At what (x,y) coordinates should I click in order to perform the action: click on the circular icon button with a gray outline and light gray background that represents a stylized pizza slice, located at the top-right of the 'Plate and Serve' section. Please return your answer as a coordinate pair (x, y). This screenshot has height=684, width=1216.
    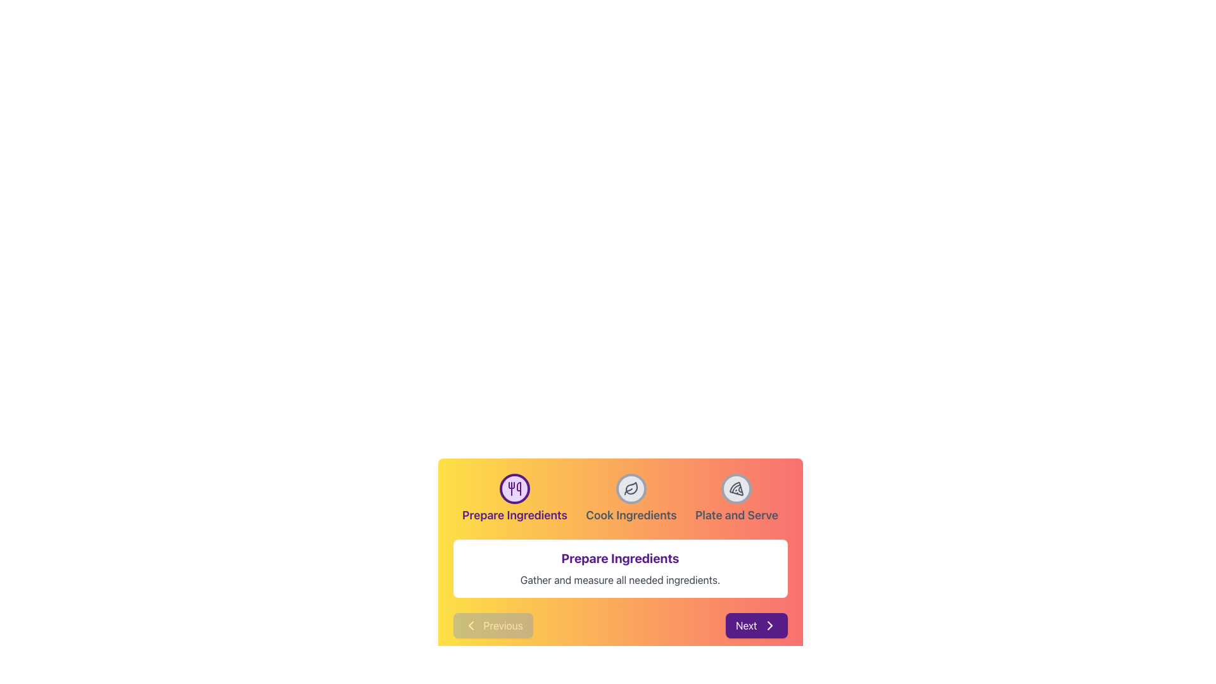
    Looking at the image, I should click on (737, 488).